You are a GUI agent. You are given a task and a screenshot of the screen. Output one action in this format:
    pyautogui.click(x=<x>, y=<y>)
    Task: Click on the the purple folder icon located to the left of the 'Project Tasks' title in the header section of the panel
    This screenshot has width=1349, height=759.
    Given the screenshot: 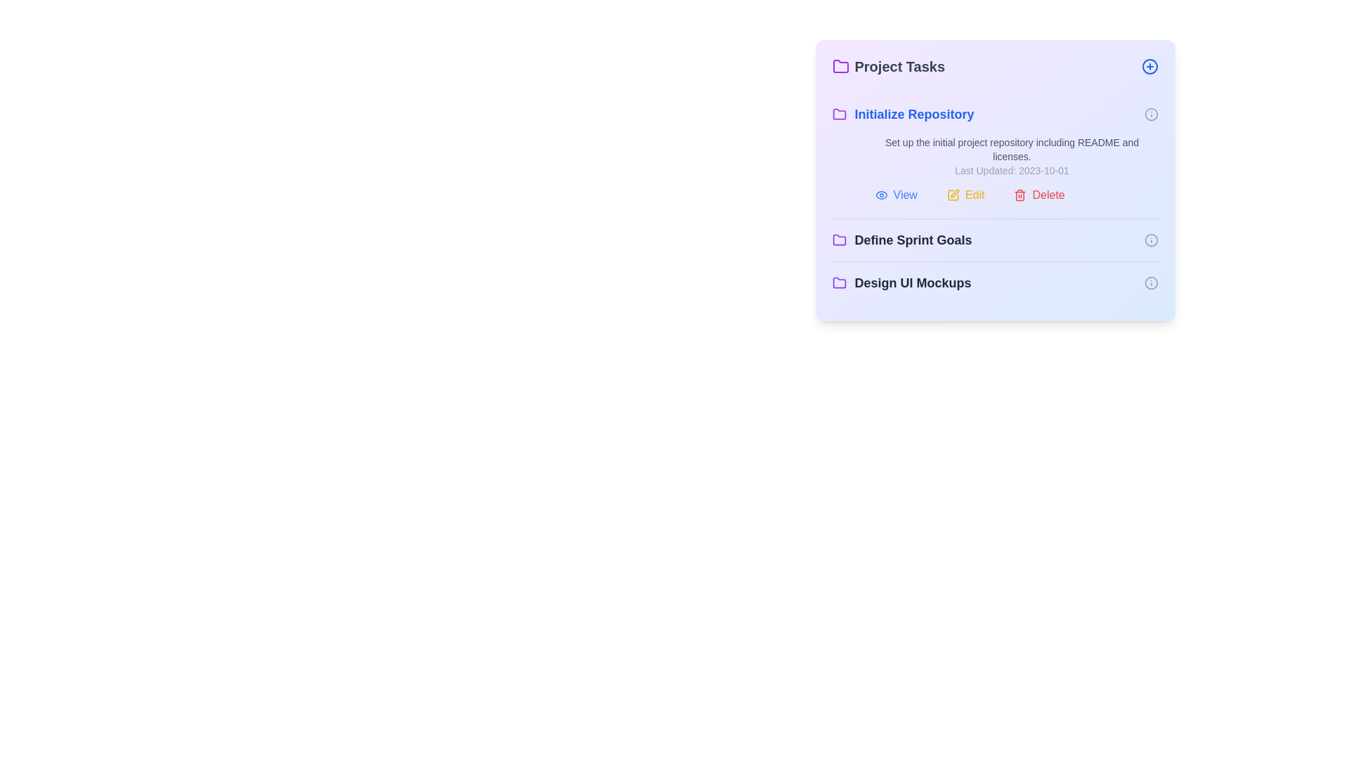 What is the action you would take?
    pyautogui.click(x=840, y=67)
    